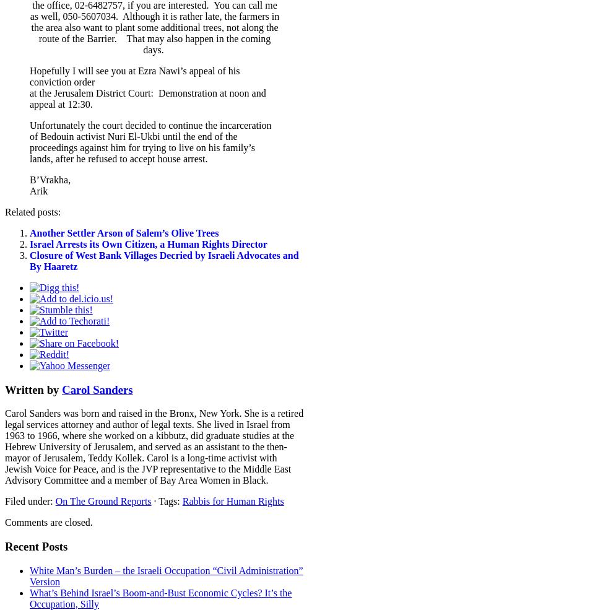 The width and height of the screenshot is (608, 610). What do you see at coordinates (29, 500) in the screenshot?
I see `'Filed under:'` at bounding box center [29, 500].